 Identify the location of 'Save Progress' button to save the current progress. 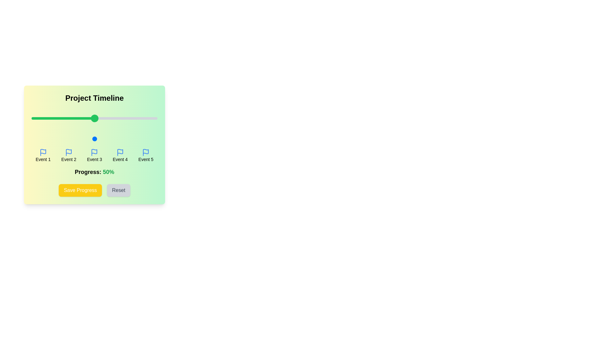
(80, 190).